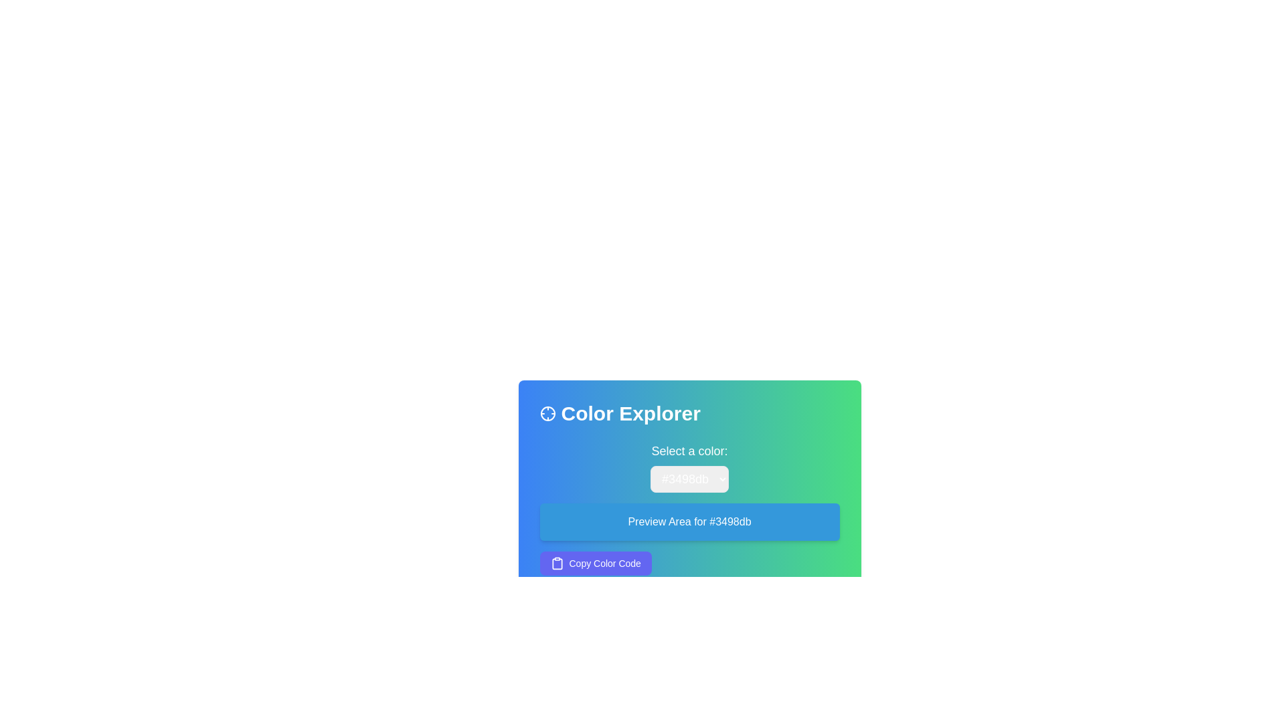  What do you see at coordinates (557, 564) in the screenshot?
I see `the clipboard icon located to the left of the 'Copy Color Code' button, which has a minimalistic design with a rounded border and a transparent center` at bounding box center [557, 564].